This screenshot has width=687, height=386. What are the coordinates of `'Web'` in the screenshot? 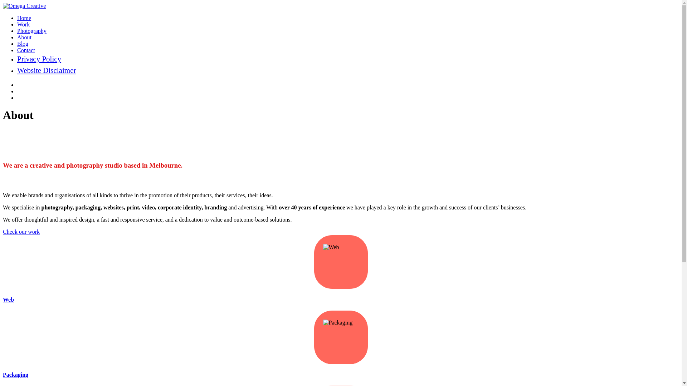 It's located at (3, 300).